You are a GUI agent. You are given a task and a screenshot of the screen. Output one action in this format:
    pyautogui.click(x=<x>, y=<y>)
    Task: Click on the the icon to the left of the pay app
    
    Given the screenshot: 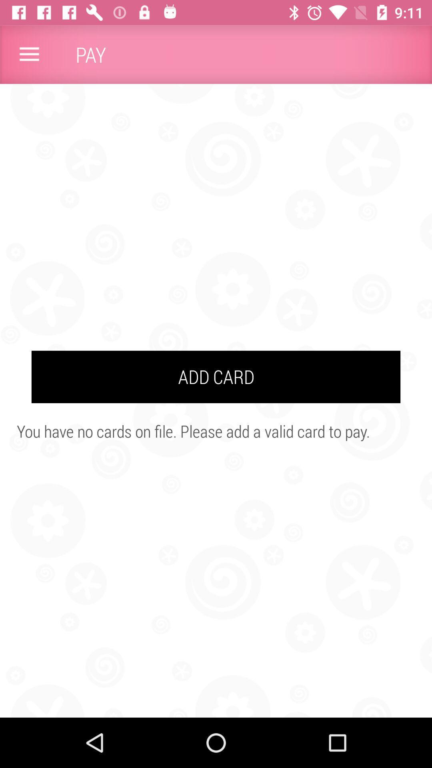 What is the action you would take?
    pyautogui.click(x=29, y=54)
    